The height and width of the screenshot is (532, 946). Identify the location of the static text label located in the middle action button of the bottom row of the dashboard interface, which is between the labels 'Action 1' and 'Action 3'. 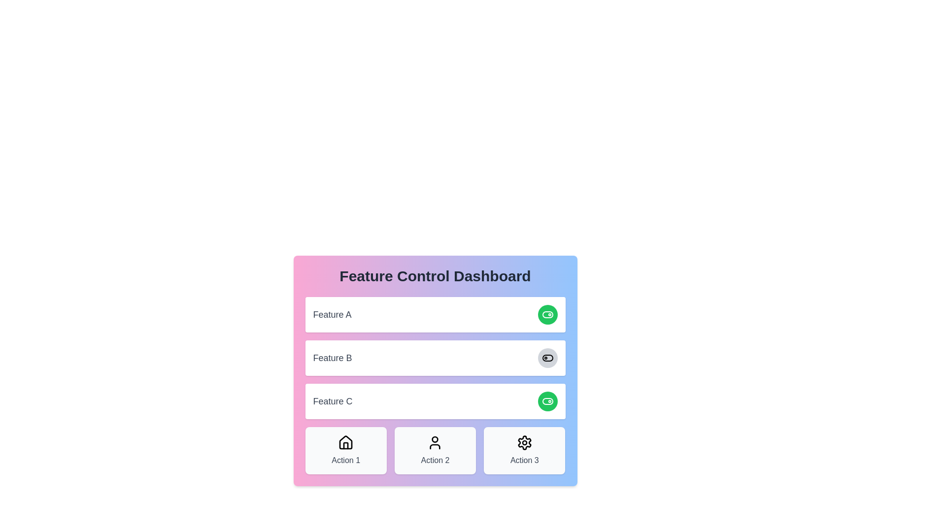
(435, 460).